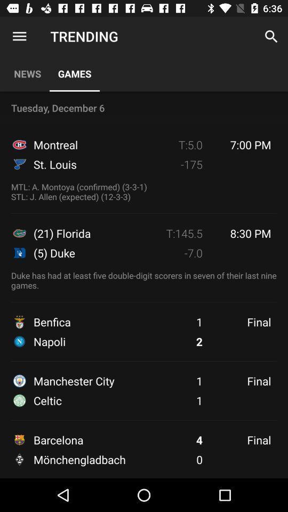 The height and width of the screenshot is (512, 288). I want to click on icon to the left of games item, so click(19, 36).